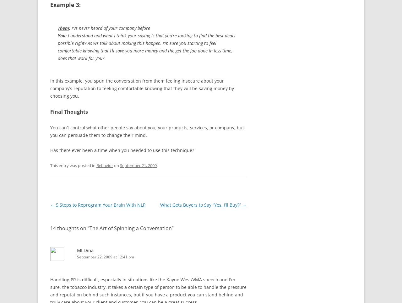 The width and height of the screenshot is (402, 303). What do you see at coordinates (120, 165) in the screenshot?
I see `'September 21, 2009'` at bounding box center [120, 165].